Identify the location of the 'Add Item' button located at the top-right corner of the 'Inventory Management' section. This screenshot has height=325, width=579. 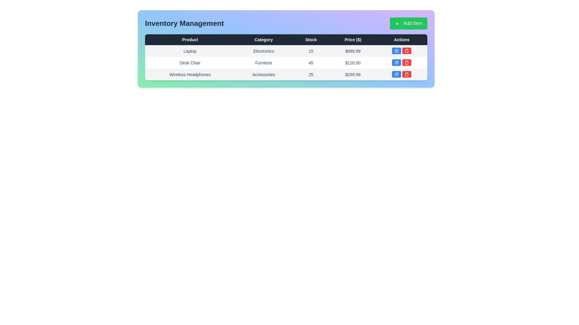
(409, 23).